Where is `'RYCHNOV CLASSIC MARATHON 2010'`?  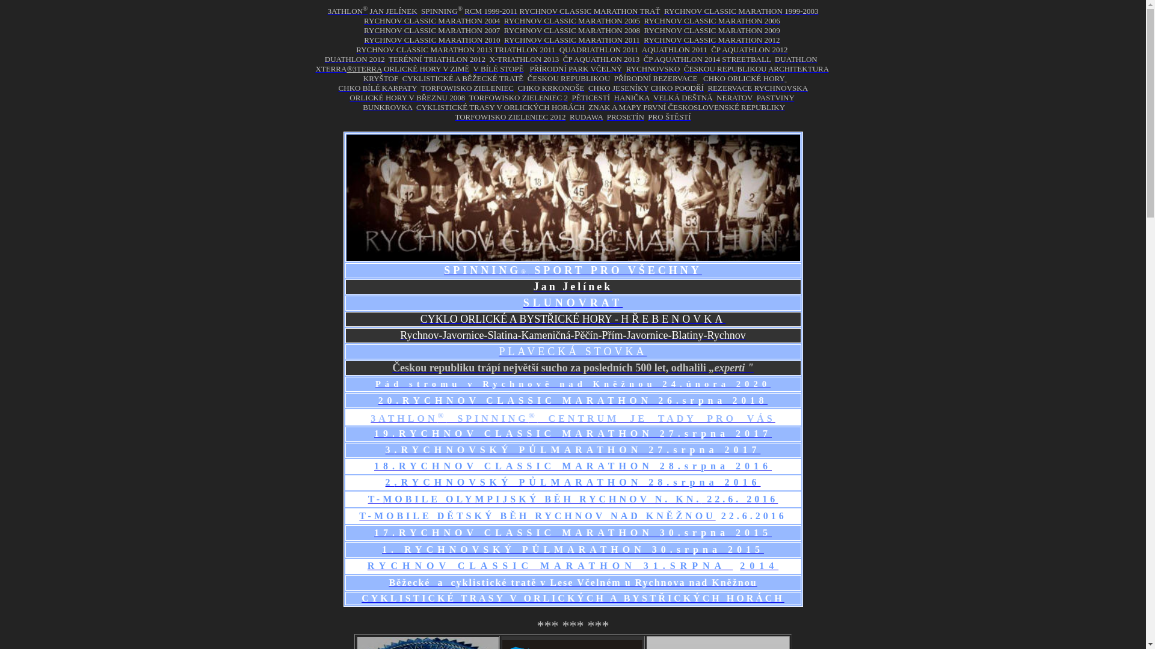 'RYCHNOV CLASSIC MARATHON 2010' is located at coordinates (432, 39).